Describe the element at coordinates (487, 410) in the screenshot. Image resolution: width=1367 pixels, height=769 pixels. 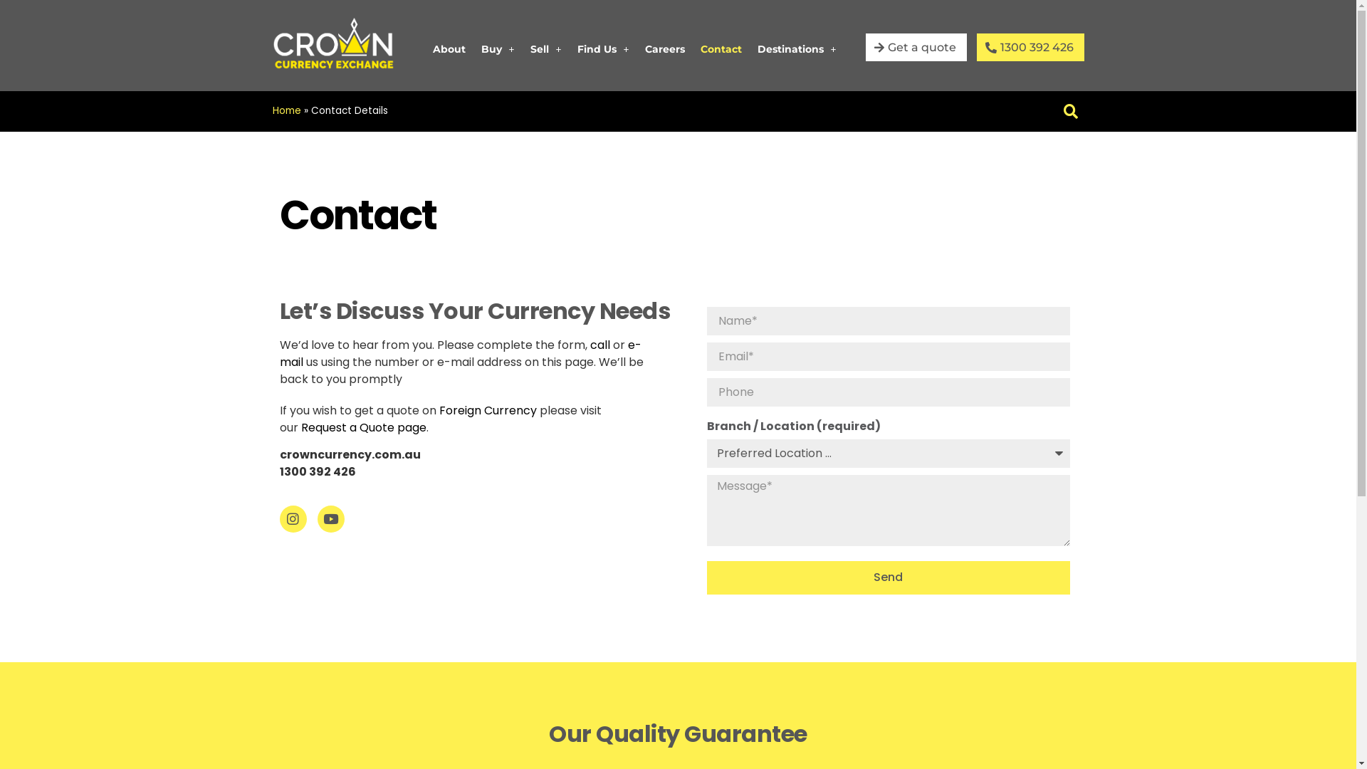
I see `'Foreign Currency'` at that location.